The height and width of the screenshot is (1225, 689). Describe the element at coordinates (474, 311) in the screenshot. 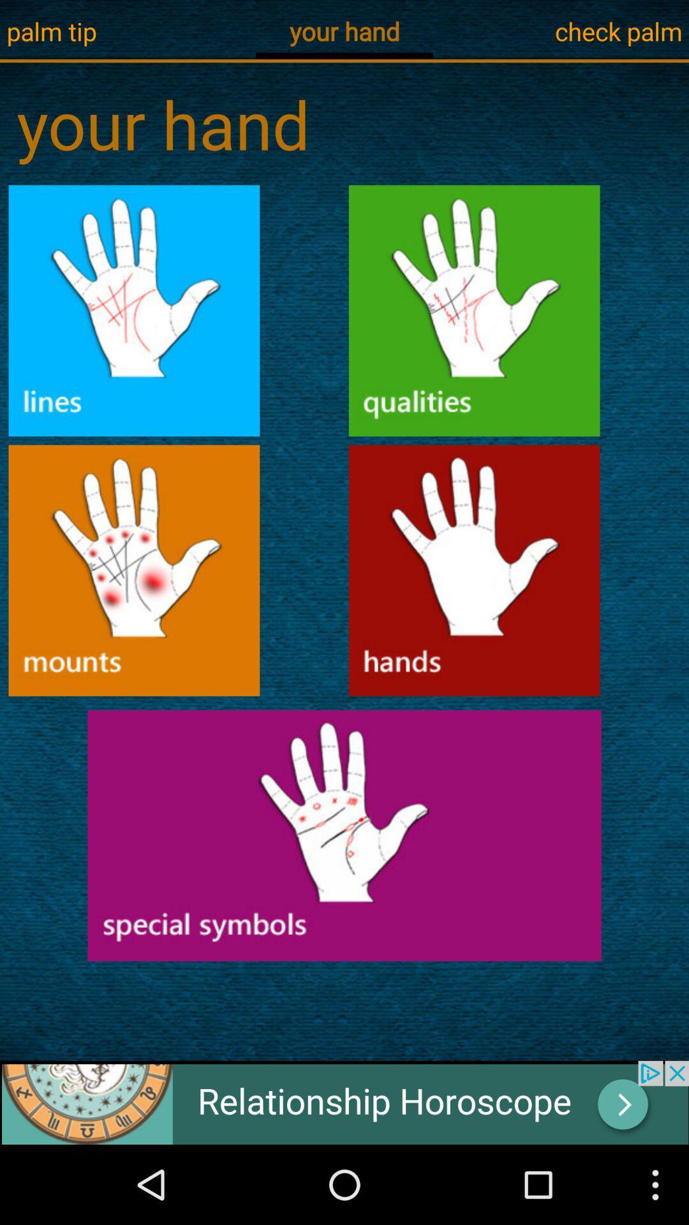

I see `qualities selections` at that location.